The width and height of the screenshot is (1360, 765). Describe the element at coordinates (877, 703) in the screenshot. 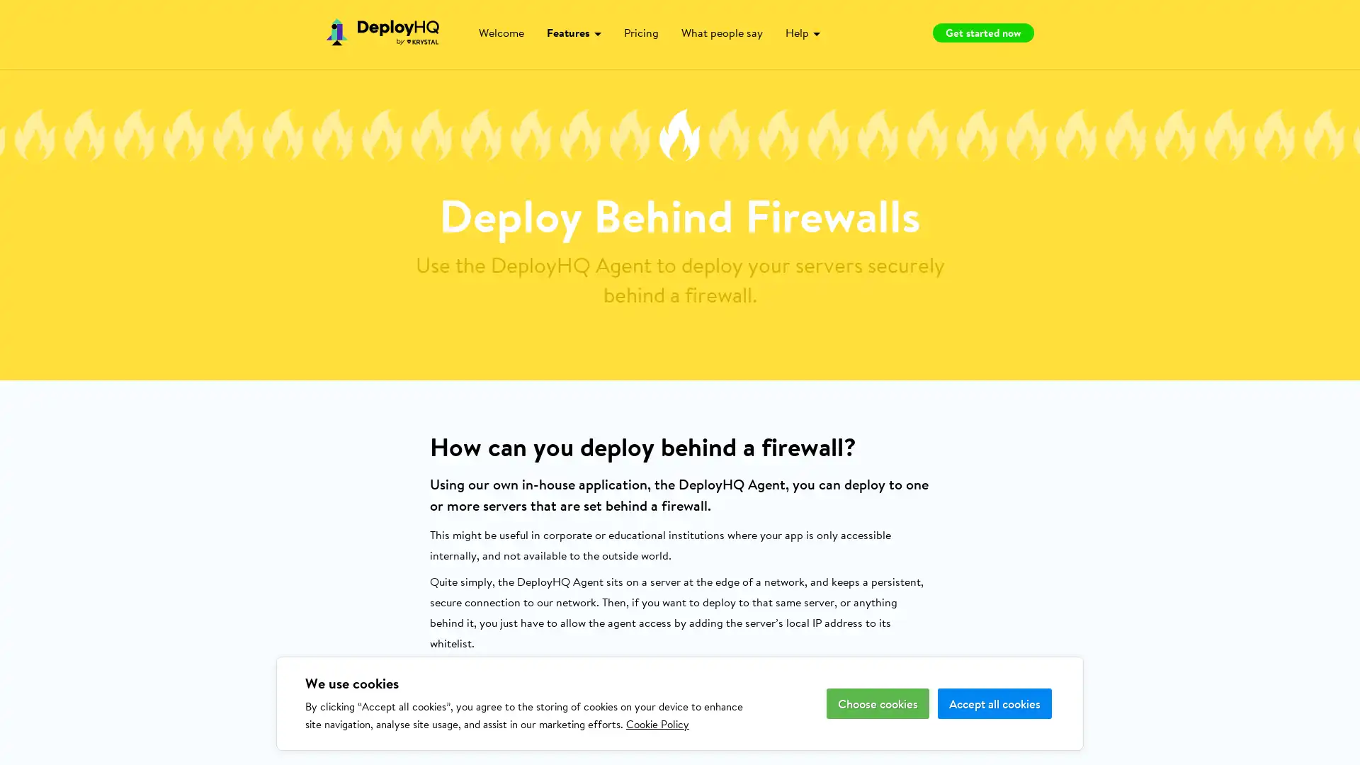

I see `Choose cookies` at that location.